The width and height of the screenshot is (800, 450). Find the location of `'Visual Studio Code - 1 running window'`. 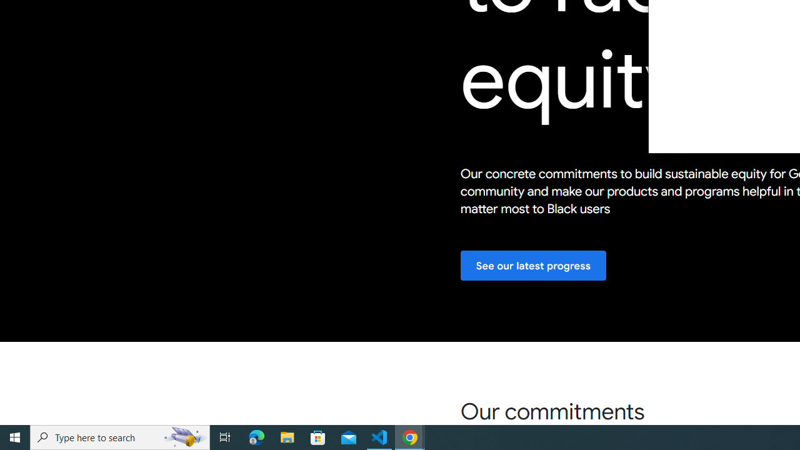

'Visual Studio Code - 1 running window' is located at coordinates (379, 436).